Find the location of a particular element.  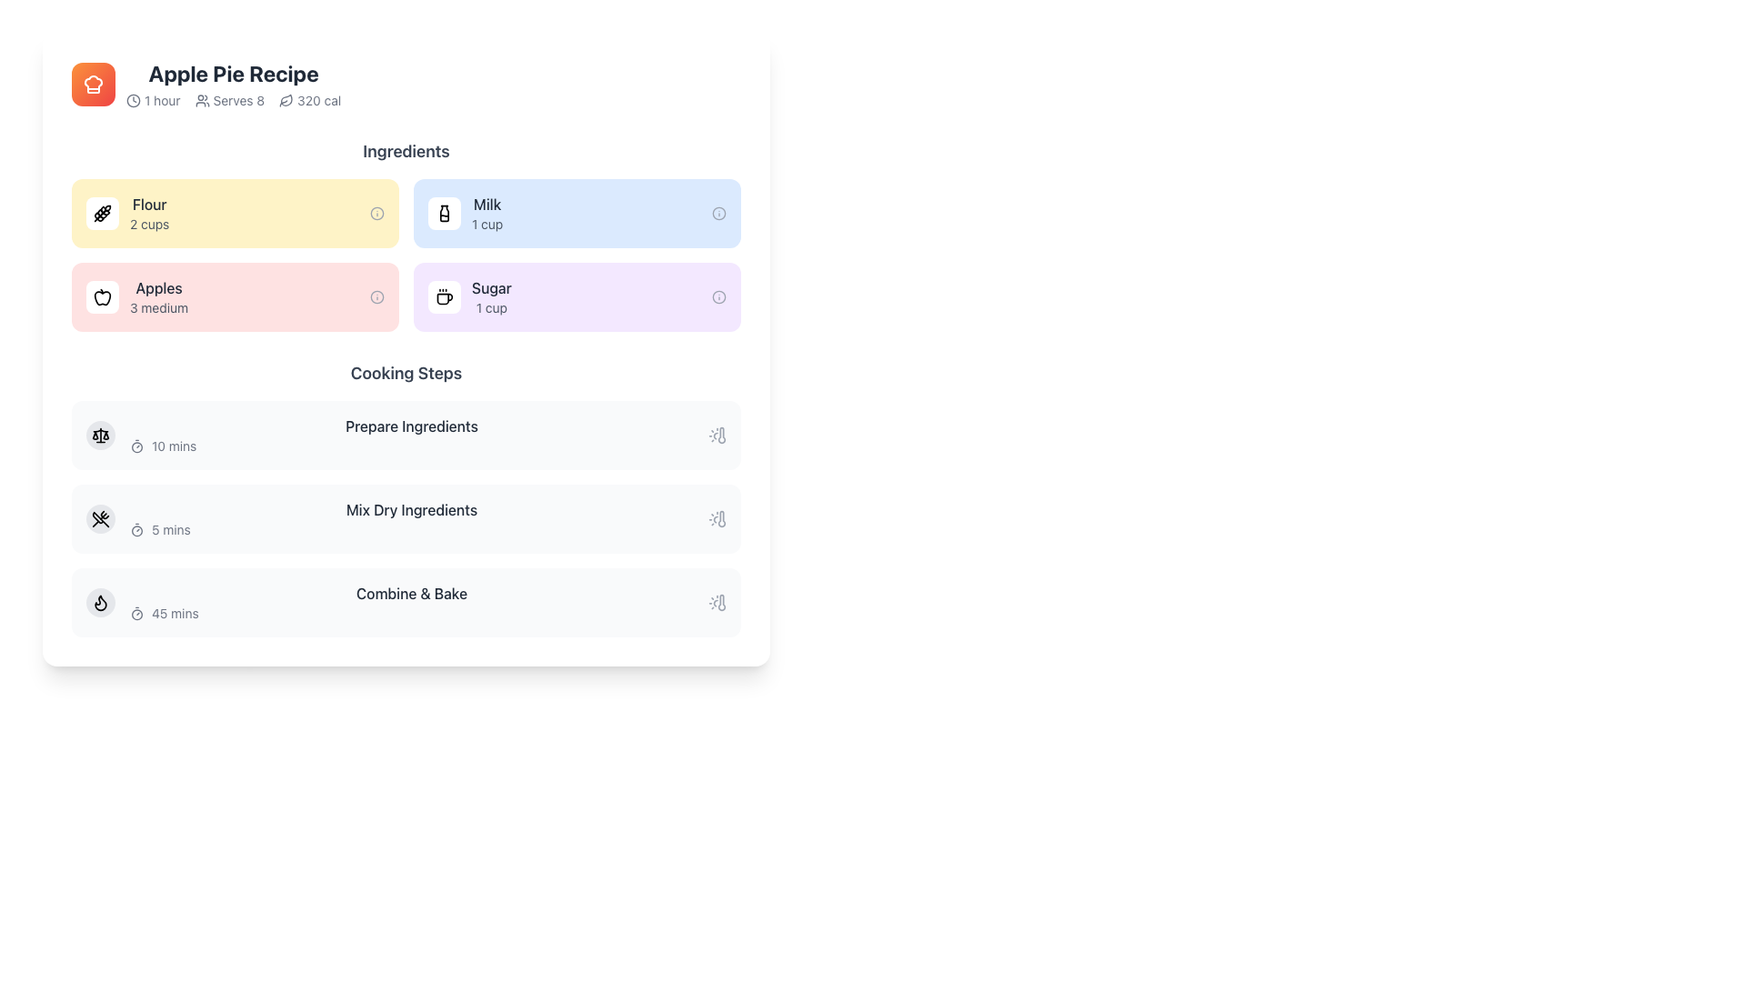

the milk icon located to the left of the text description 'Milk 1 cup' in the 'Milk 1 cup' card under the 'Ingredients' heading is located at coordinates (445, 213).